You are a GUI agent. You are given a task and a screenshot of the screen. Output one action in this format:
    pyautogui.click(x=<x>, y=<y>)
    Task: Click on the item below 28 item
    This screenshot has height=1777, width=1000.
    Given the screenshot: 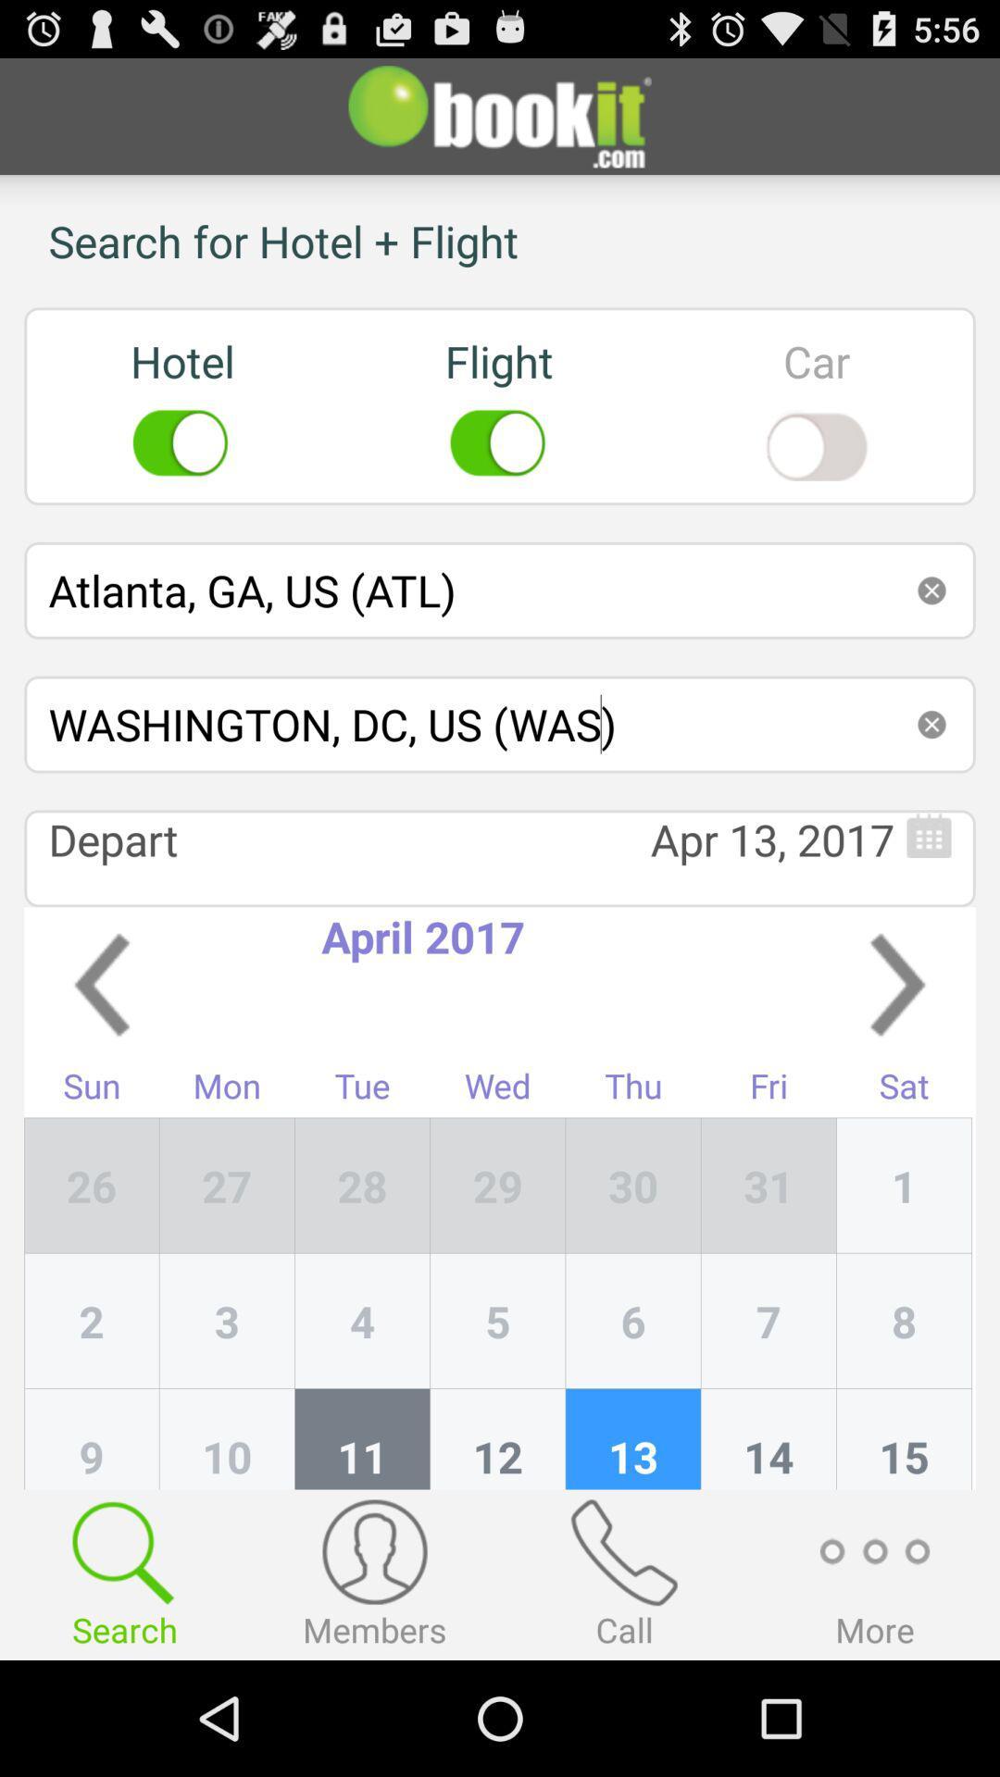 What is the action you would take?
    pyautogui.click(x=497, y=1320)
    